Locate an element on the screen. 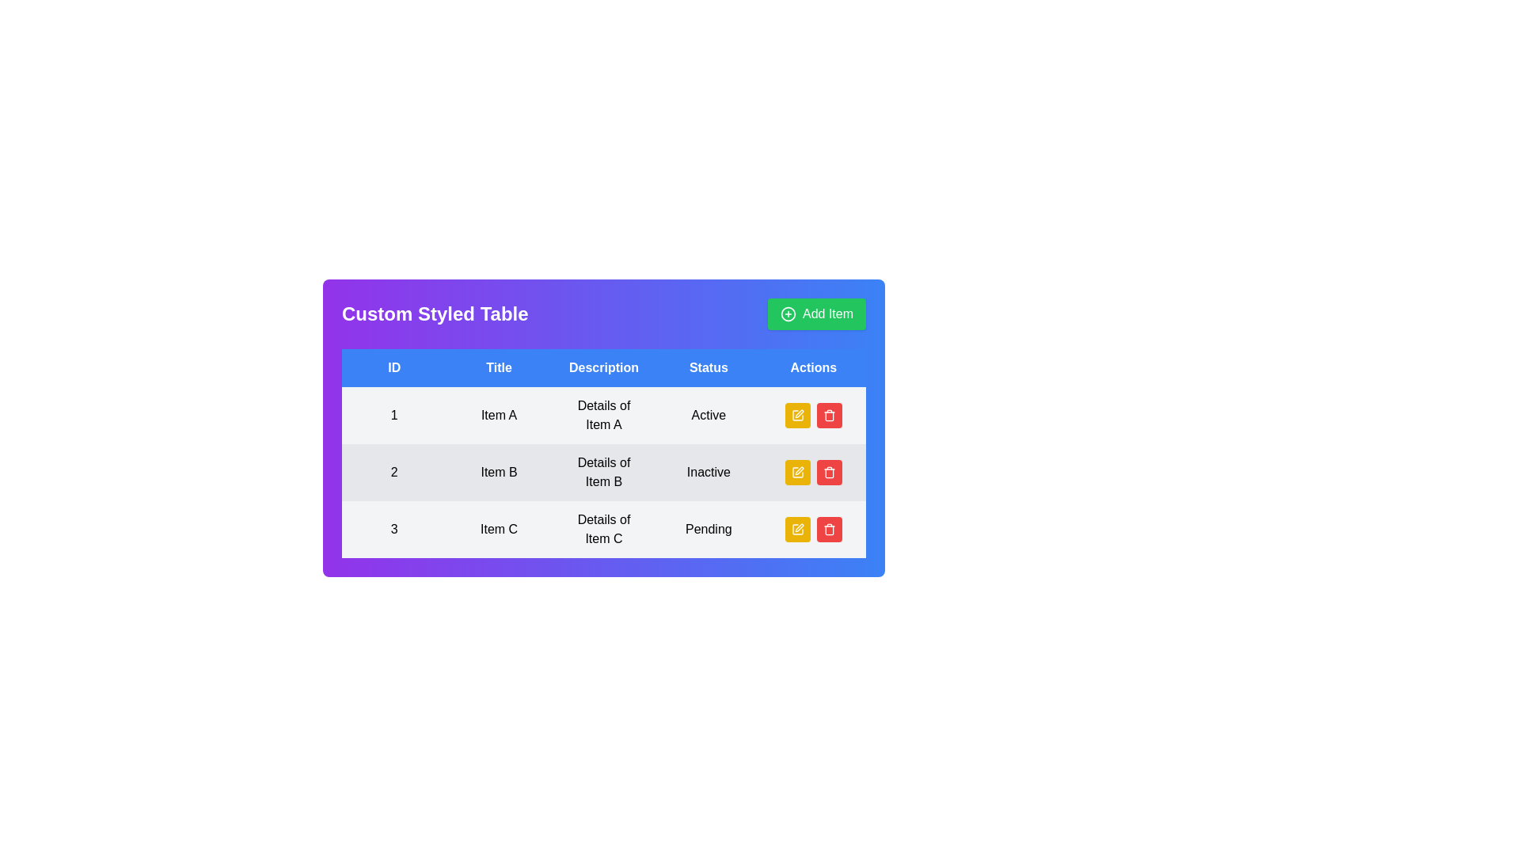  value of the table cell containing the character '2', which is centered in a light gray background under the 'ID' column in the second row is located at coordinates (394, 472).